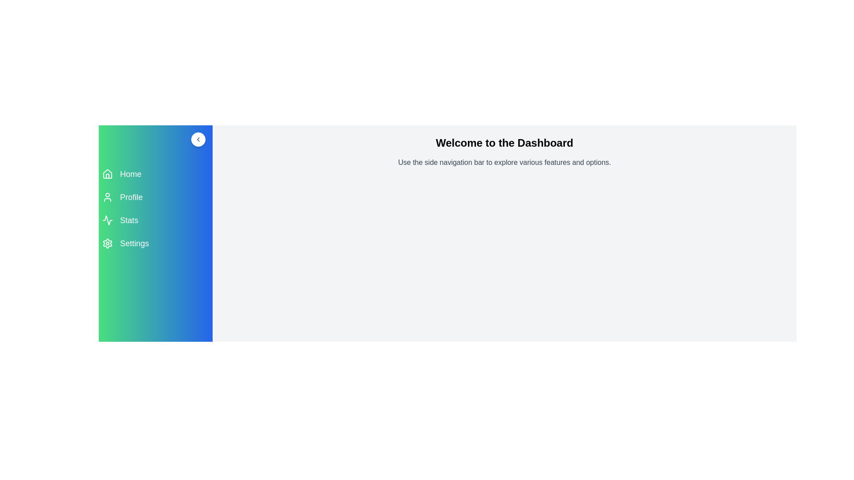 The width and height of the screenshot is (854, 480). I want to click on the 'Stats' icon in the navigation menu, so click(107, 220).